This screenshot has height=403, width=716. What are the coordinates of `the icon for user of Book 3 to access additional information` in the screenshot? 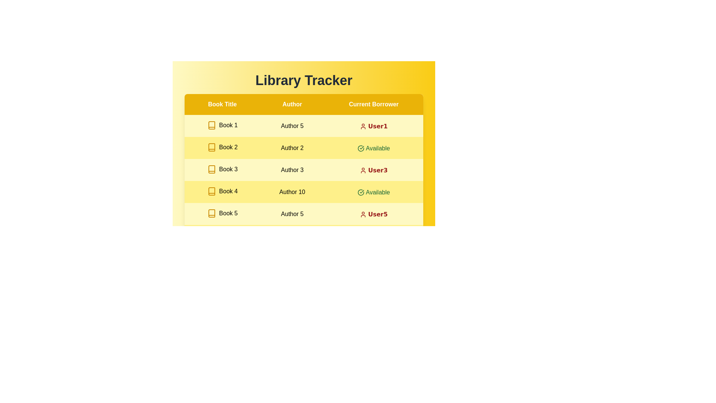 It's located at (363, 170).